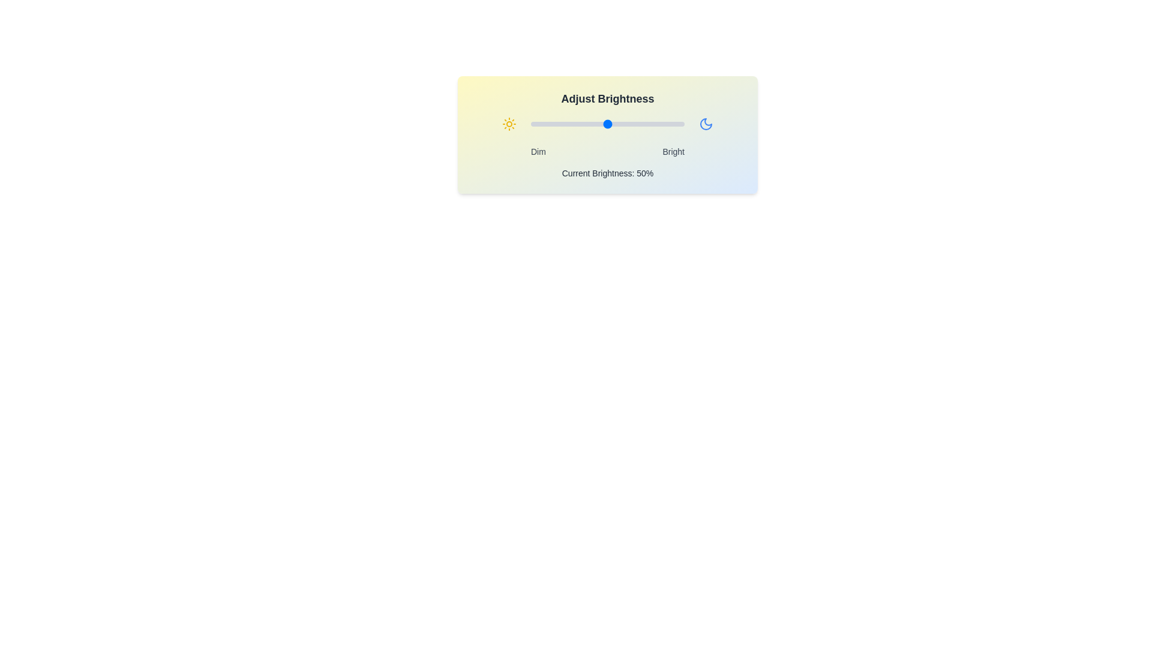 The height and width of the screenshot is (648, 1152). Describe the element at coordinates (597, 124) in the screenshot. I see `the brightness to 43% by interacting with the slider` at that location.